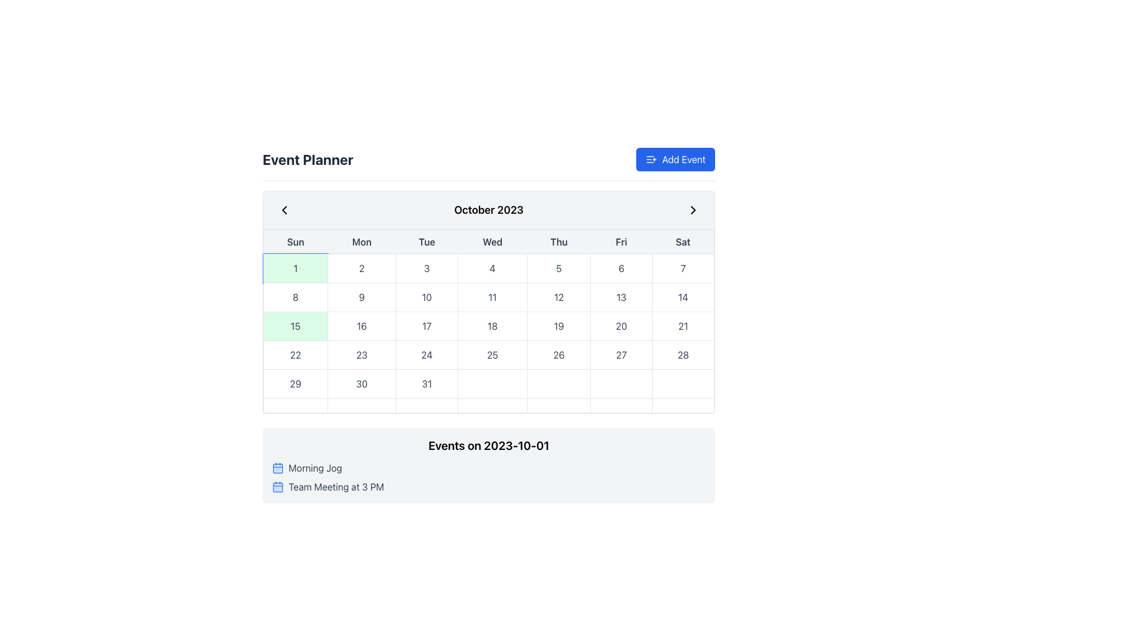 The image size is (1131, 636). Describe the element at coordinates (426, 326) in the screenshot. I see `the calendar date cell representing the 17th of October 2023 to change its background color` at that location.